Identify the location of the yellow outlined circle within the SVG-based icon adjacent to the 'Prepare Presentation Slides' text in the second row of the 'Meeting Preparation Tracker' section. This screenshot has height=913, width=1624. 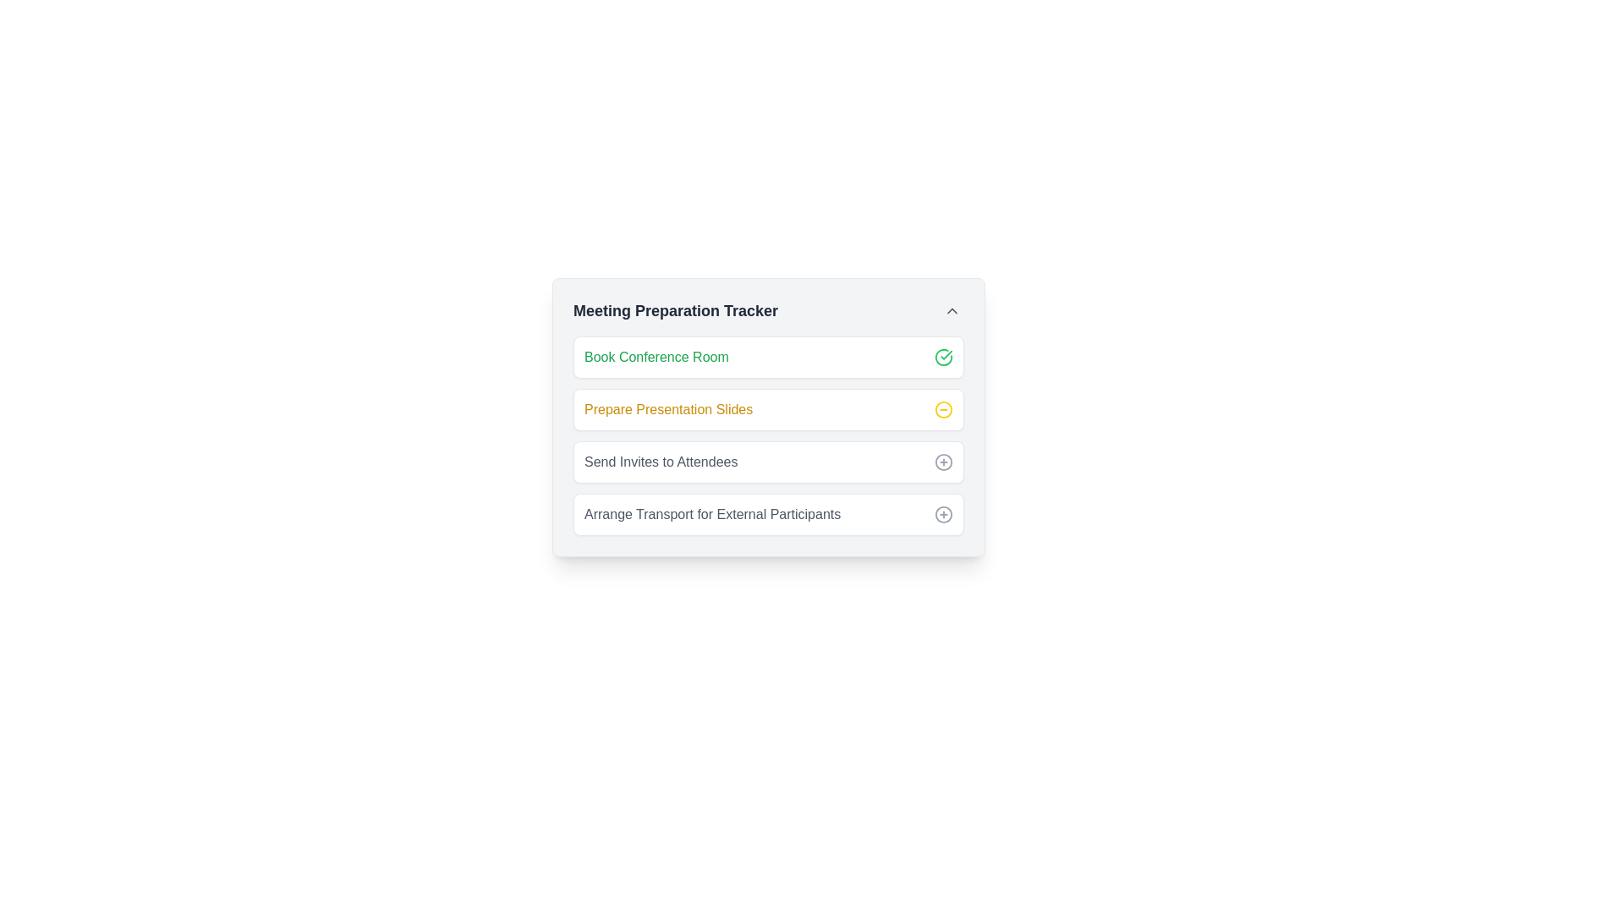
(943, 410).